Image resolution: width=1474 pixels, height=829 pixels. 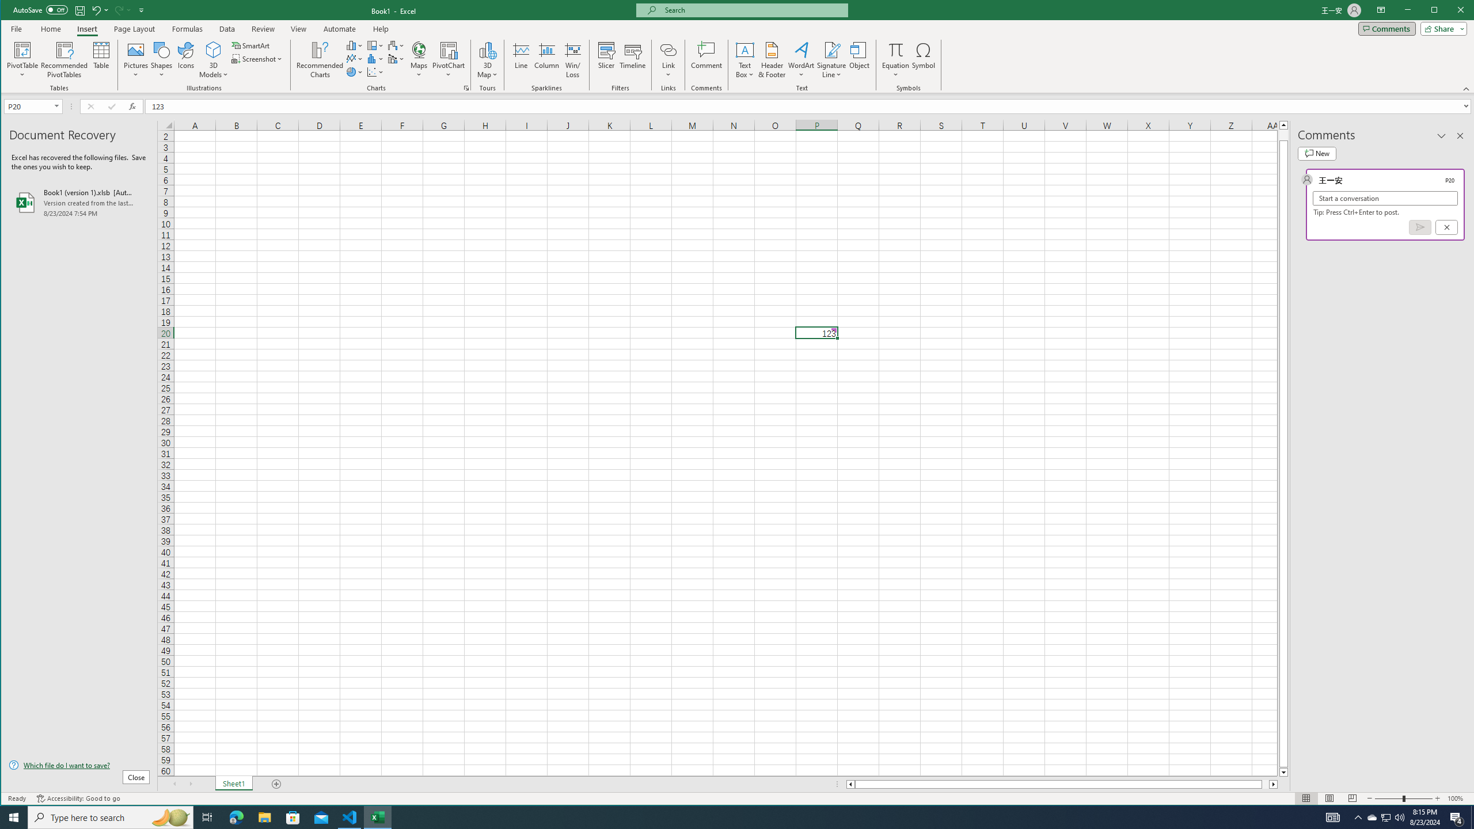 I want to click on 'Timeline', so click(x=632, y=59).